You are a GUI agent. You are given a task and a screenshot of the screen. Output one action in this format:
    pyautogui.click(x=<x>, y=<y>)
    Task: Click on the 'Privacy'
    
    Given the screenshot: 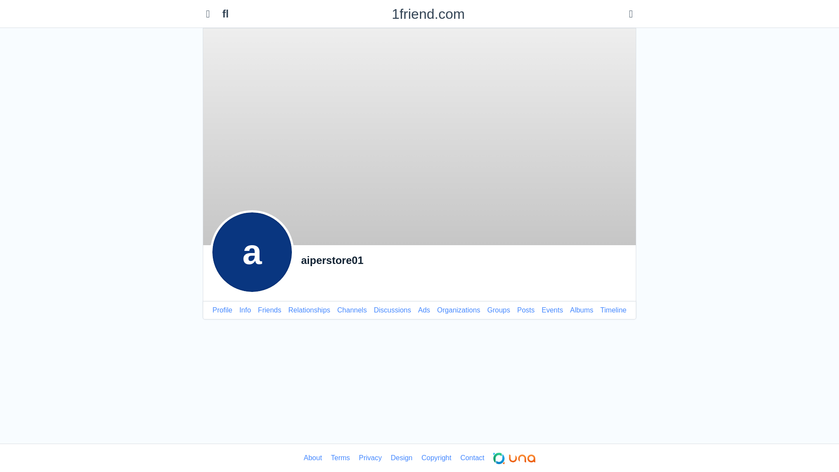 What is the action you would take?
    pyautogui.click(x=370, y=458)
    